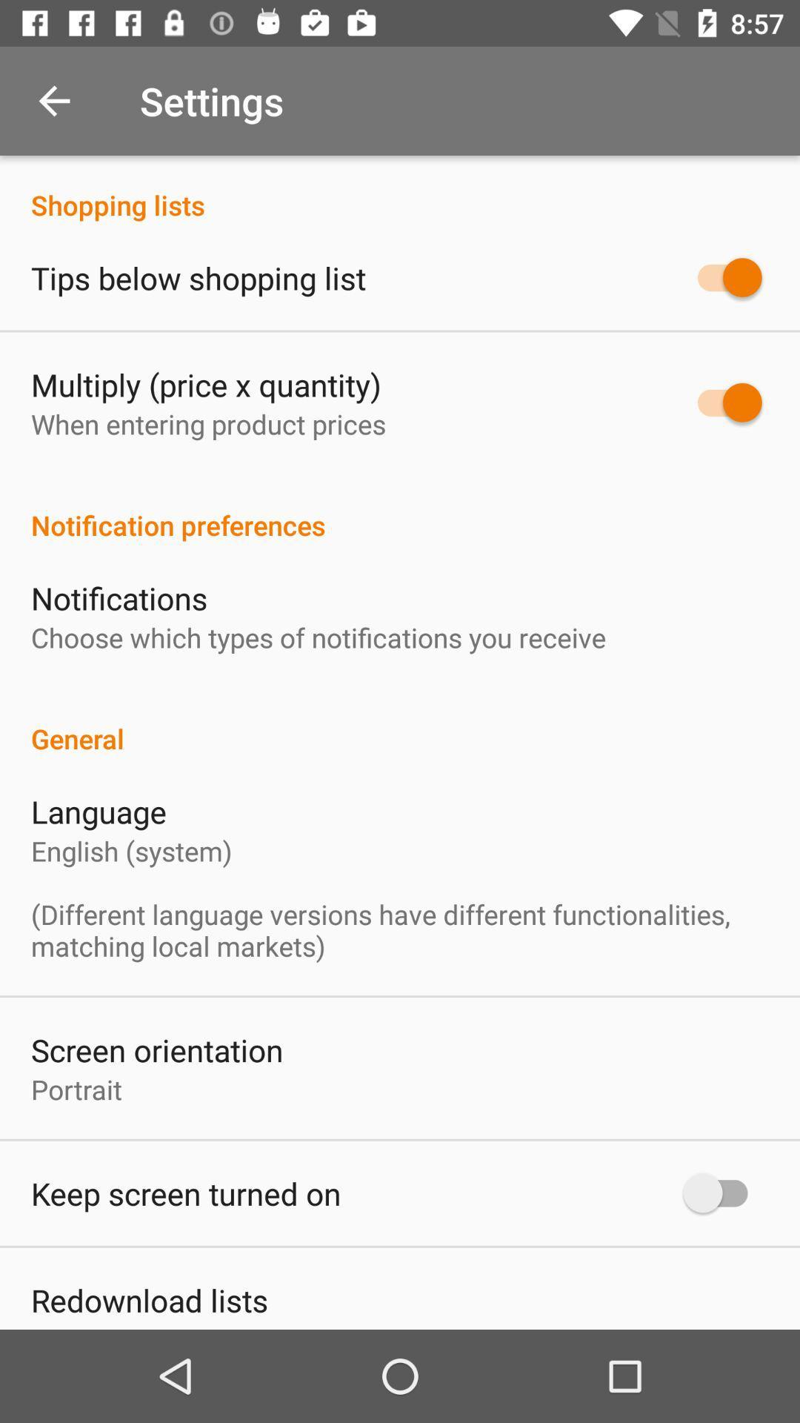 The image size is (800, 1423). Describe the element at coordinates (76, 1089) in the screenshot. I see `icon below the screen orientation item` at that location.